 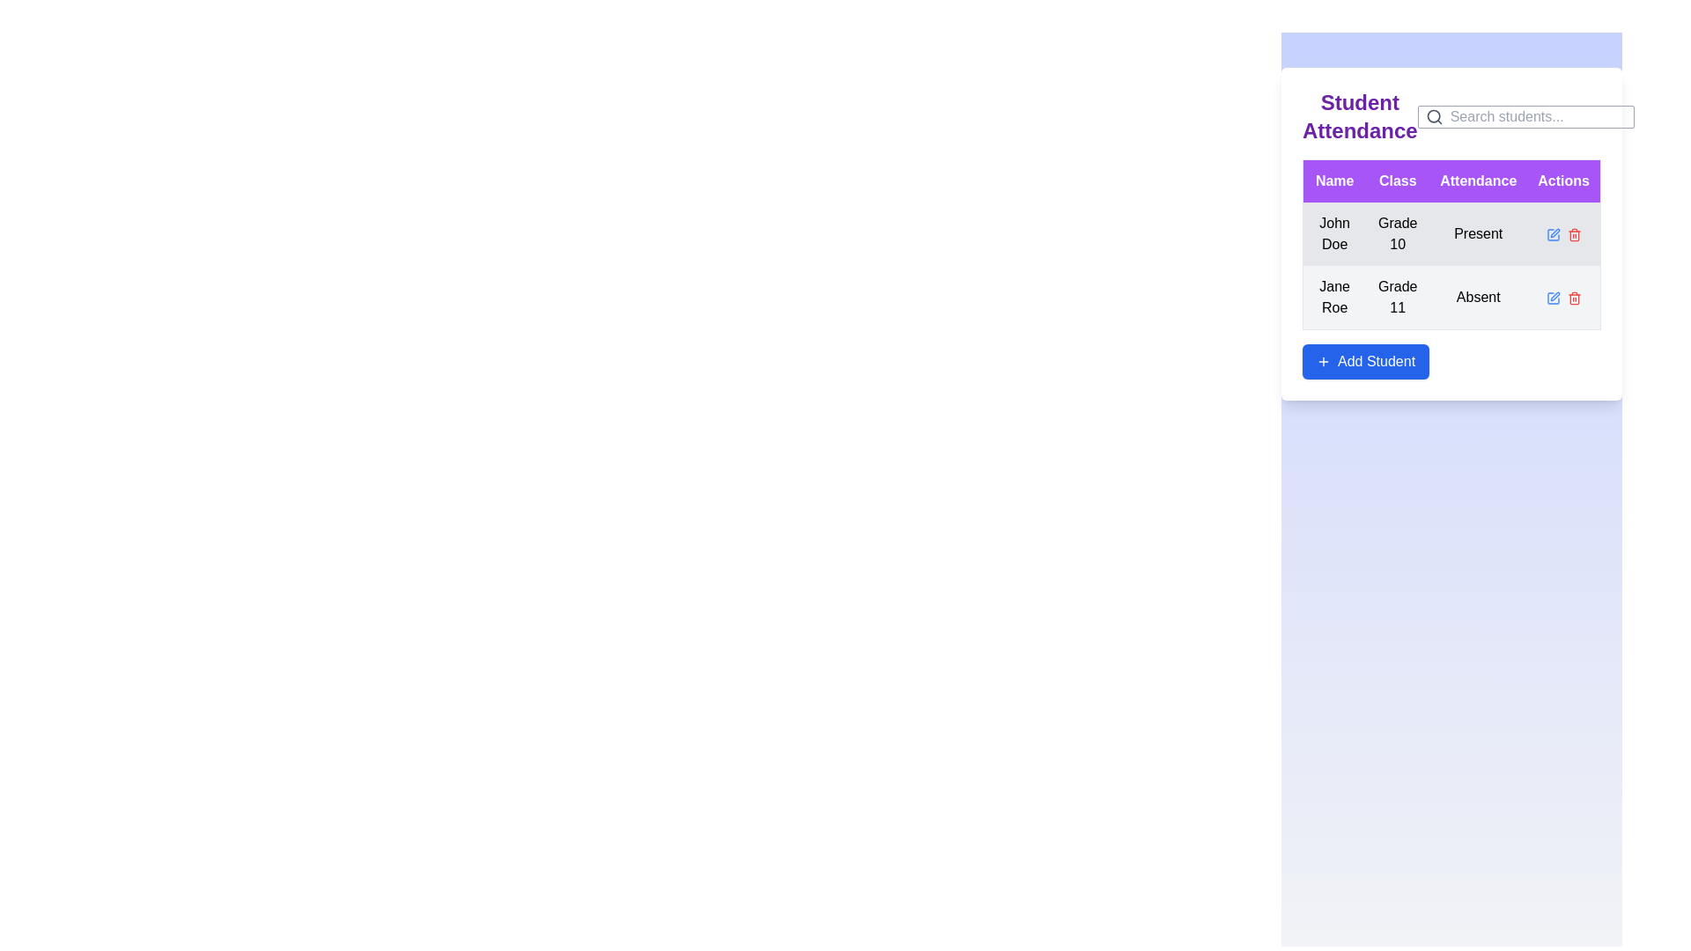 I want to click on the text label displaying the name 'John Doe' located in the first row of the table under the 'Name' column, so click(x=1334, y=233).